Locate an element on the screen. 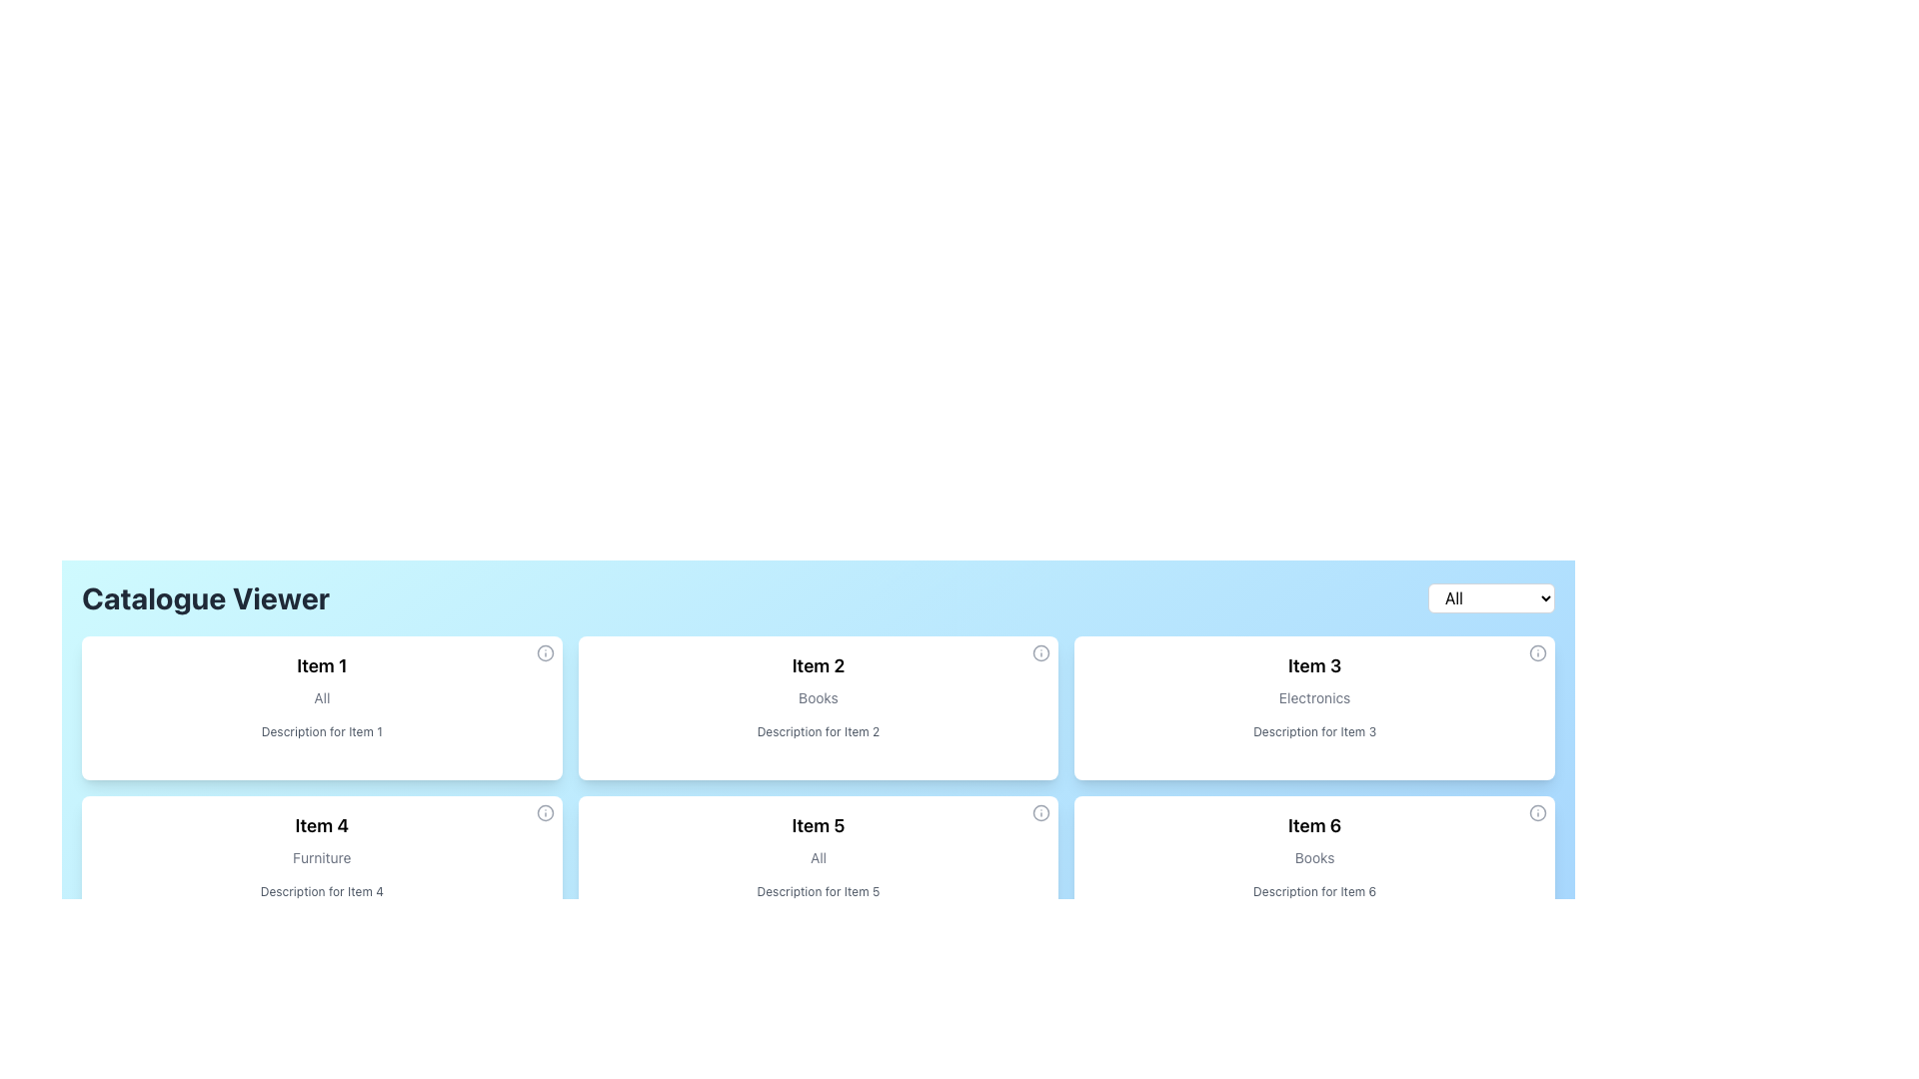  the previous page button located at the bottom of the interface's main section, which is part of the pagination control layout and positioned to the left of the page indicator and the 'Next' button is located at coordinates (720, 993).